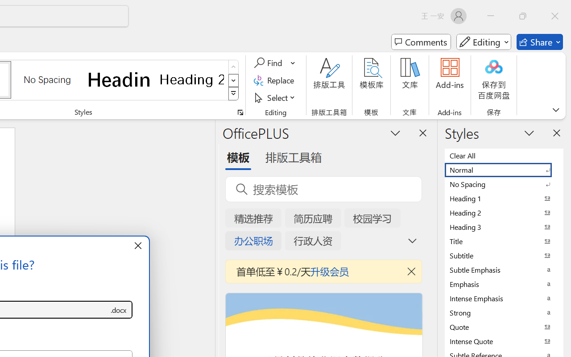 Image resolution: width=571 pixels, height=357 pixels. What do you see at coordinates (240, 112) in the screenshot?
I see `'Styles...'` at bounding box center [240, 112].